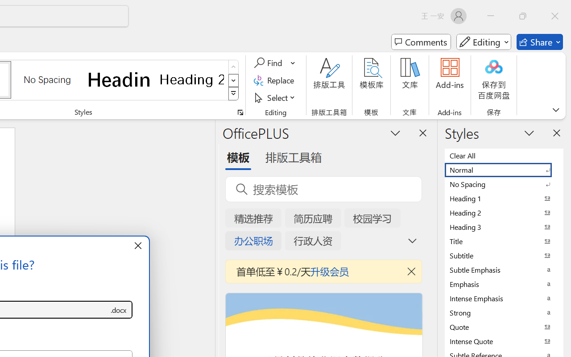 Image resolution: width=571 pixels, height=357 pixels. What do you see at coordinates (240, 112) in the screenshot?
I see `'Styles...'` at bounding box center [240, 112].